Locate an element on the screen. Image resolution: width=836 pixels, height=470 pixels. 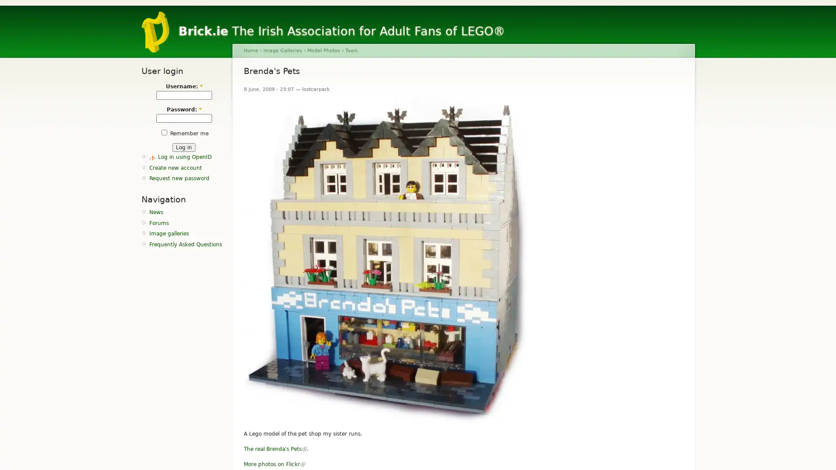
Log in is located at coordinates (183, 147).